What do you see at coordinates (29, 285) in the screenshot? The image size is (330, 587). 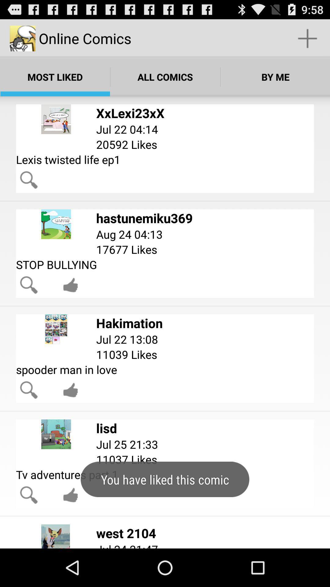 I see `search for comic` at bounding box center [29, 285].